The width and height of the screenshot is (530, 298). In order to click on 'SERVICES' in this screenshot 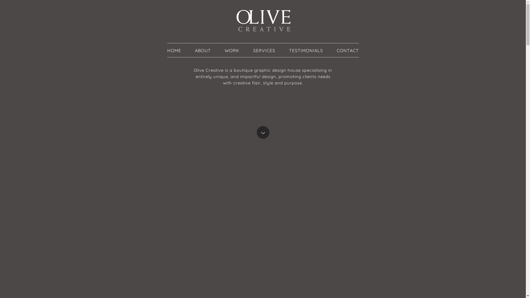, I will do `click(253, 50)`.